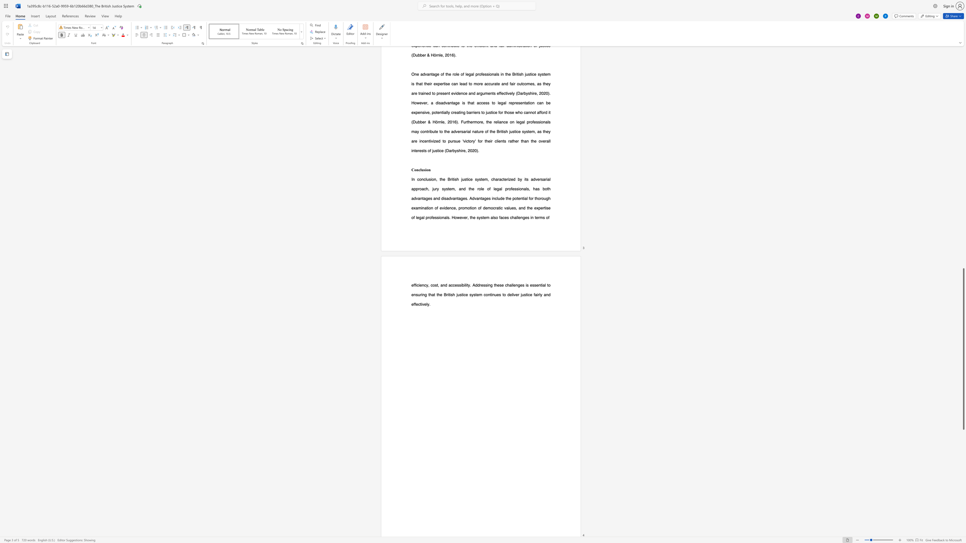  Describe the element at coordinates (963, 75) in the screenshot. I see `the scrollbar to slide the page up` at that location.